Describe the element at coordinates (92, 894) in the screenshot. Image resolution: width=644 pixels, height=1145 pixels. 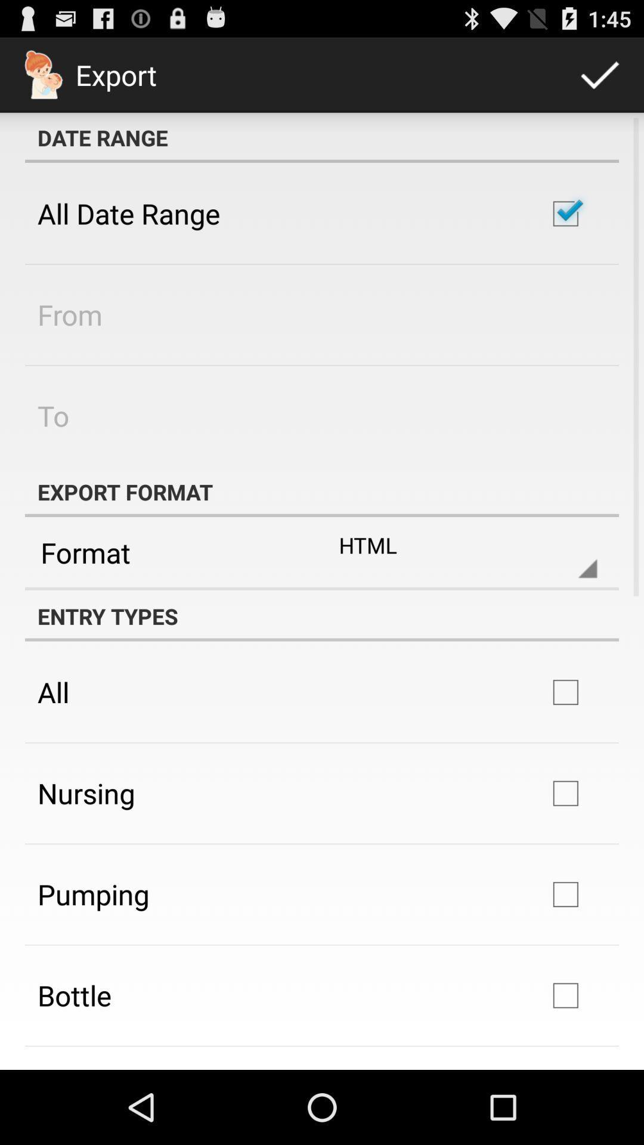
I see `pumping` at that location.